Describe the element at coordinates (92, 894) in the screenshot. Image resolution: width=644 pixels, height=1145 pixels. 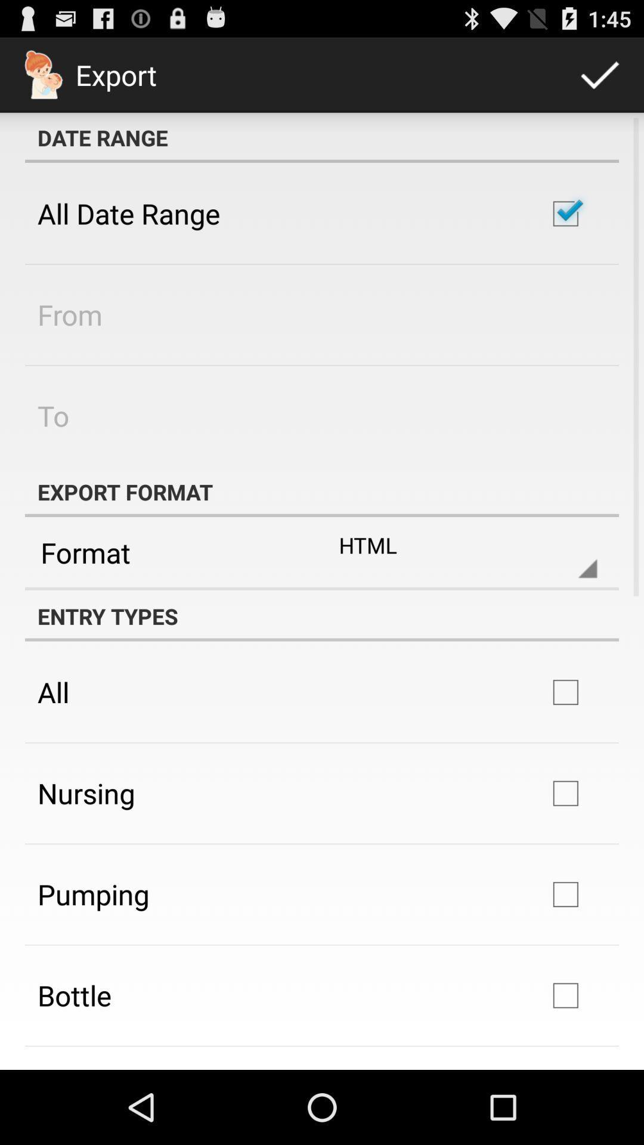
I see `pumping` at that location.